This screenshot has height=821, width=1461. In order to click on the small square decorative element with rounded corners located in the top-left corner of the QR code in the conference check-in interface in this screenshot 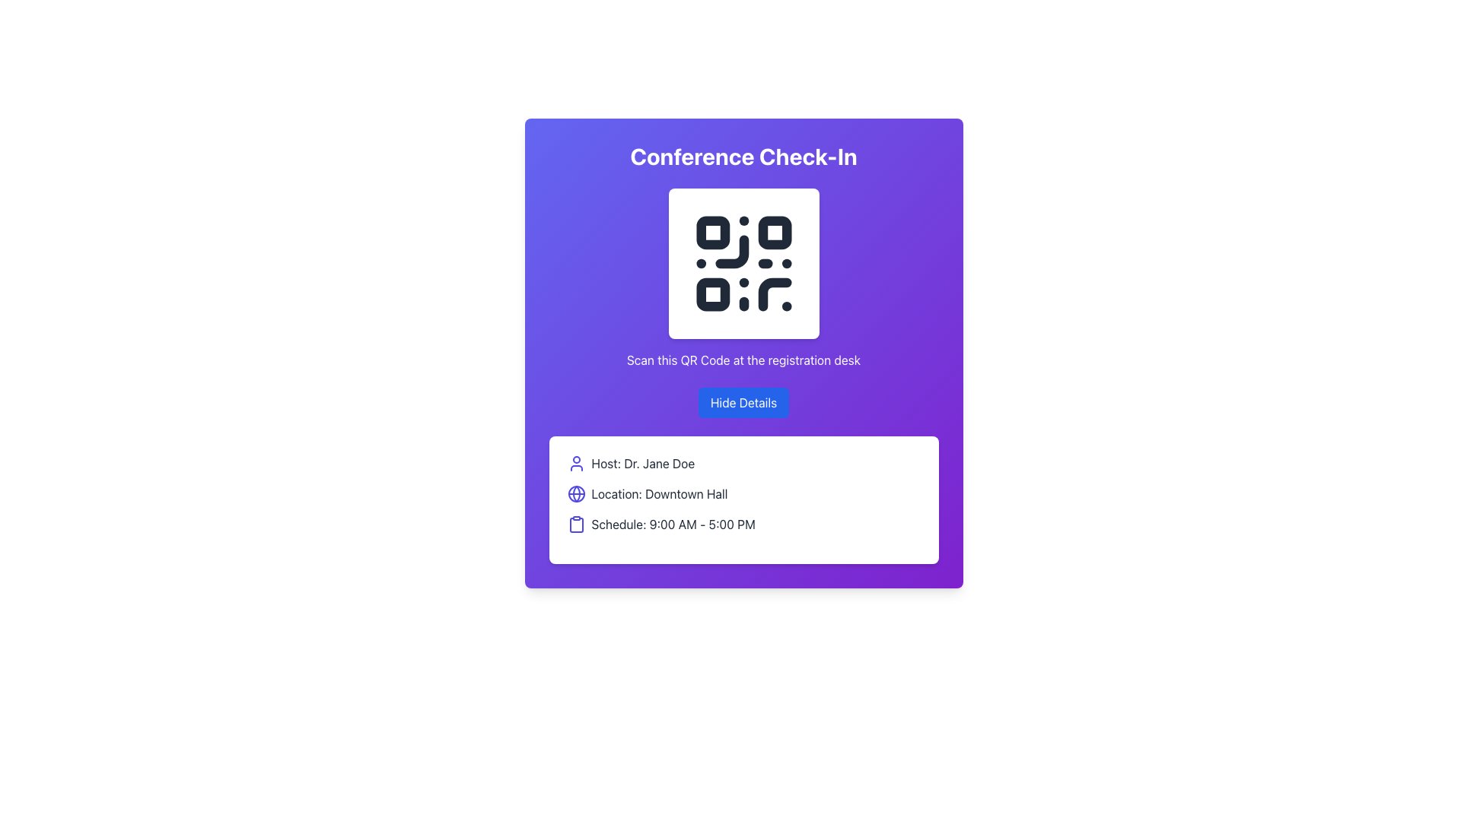, I will do `click(711, 233)`.